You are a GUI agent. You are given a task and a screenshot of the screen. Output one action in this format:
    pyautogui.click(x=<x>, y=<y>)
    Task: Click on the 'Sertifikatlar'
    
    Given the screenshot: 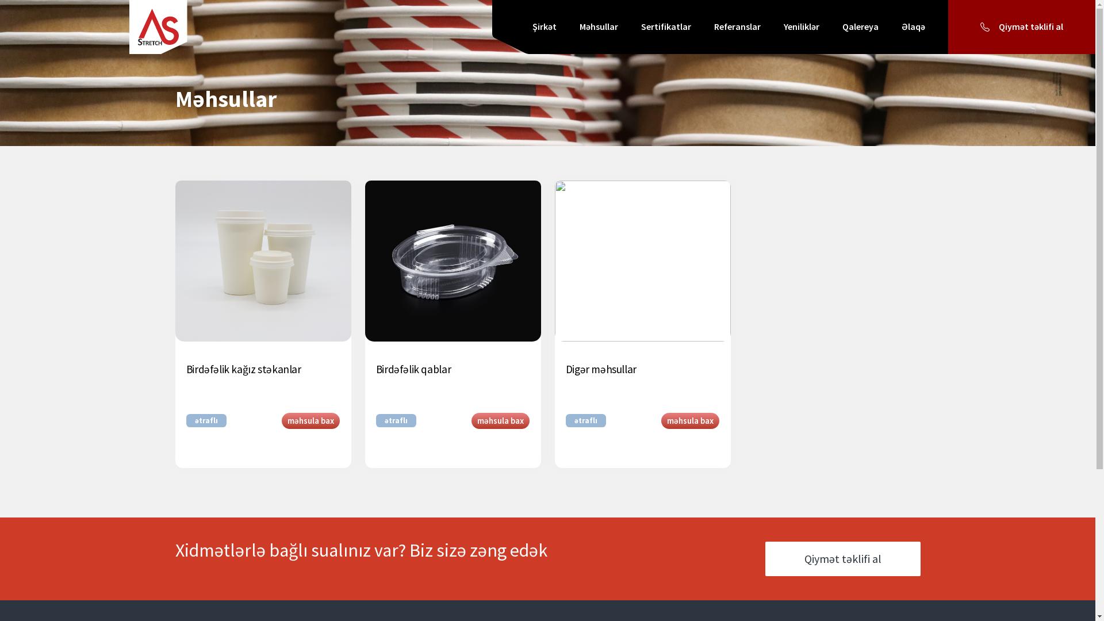 What is the action you would take?
    pyautogui.click(x=666, y=26)
    